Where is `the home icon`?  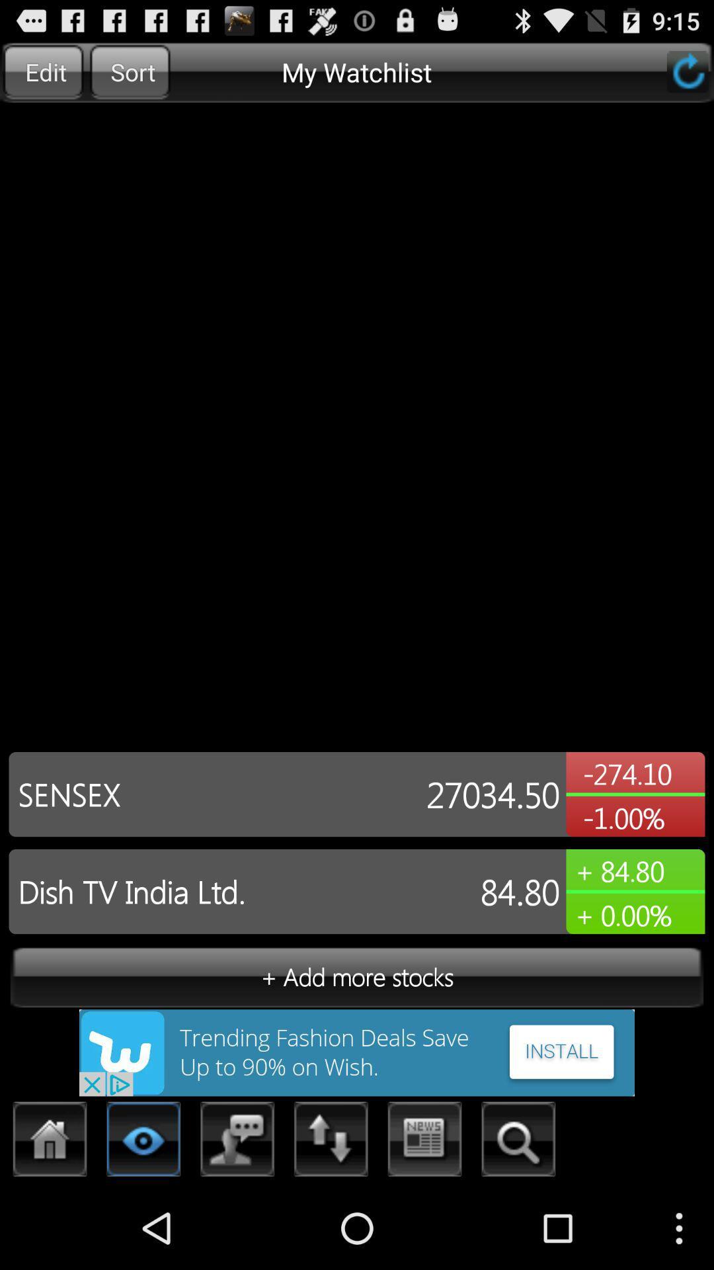
the home icon is located at coordinates (50, 1222).